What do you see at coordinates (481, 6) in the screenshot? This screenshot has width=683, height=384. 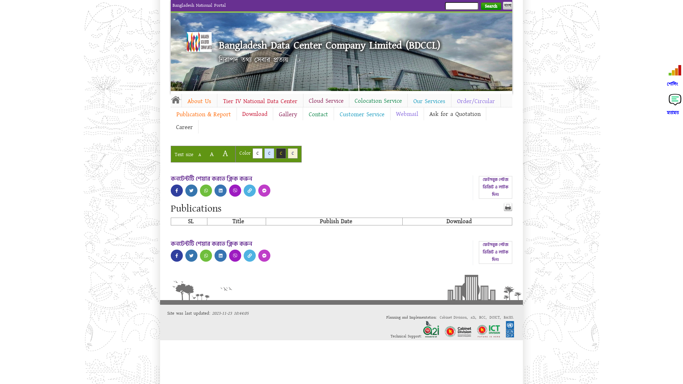 I see `'Search'` at bounding box center [481, 6].